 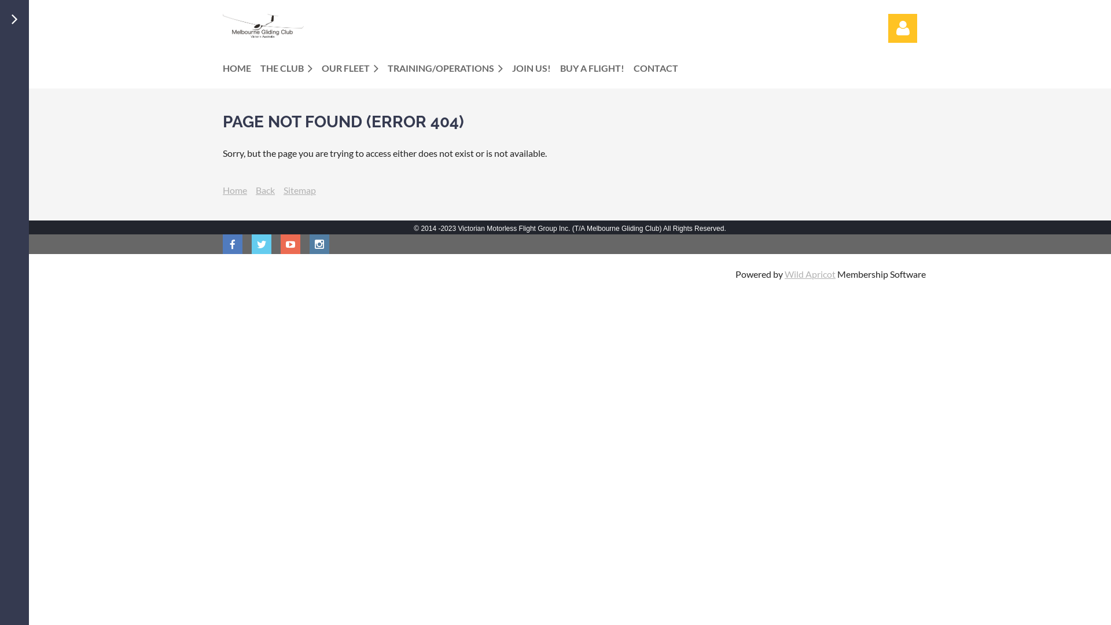 I want to click on 'Log in', so click(x=902, y=28).